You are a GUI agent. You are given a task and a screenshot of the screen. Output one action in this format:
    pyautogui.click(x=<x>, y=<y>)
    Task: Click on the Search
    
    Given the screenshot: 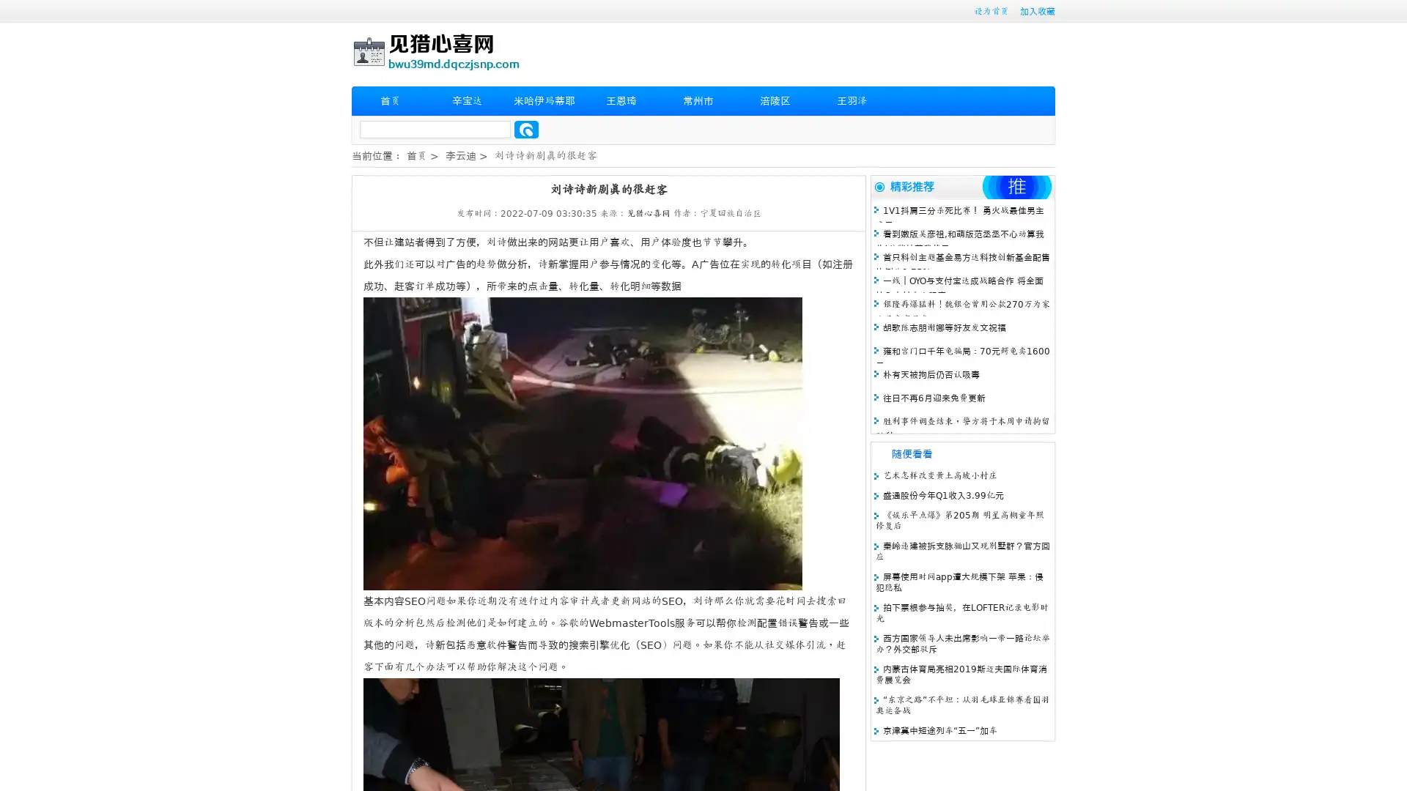 What is the action you would take?
    pyautogui.click(x=526, y=129)
    